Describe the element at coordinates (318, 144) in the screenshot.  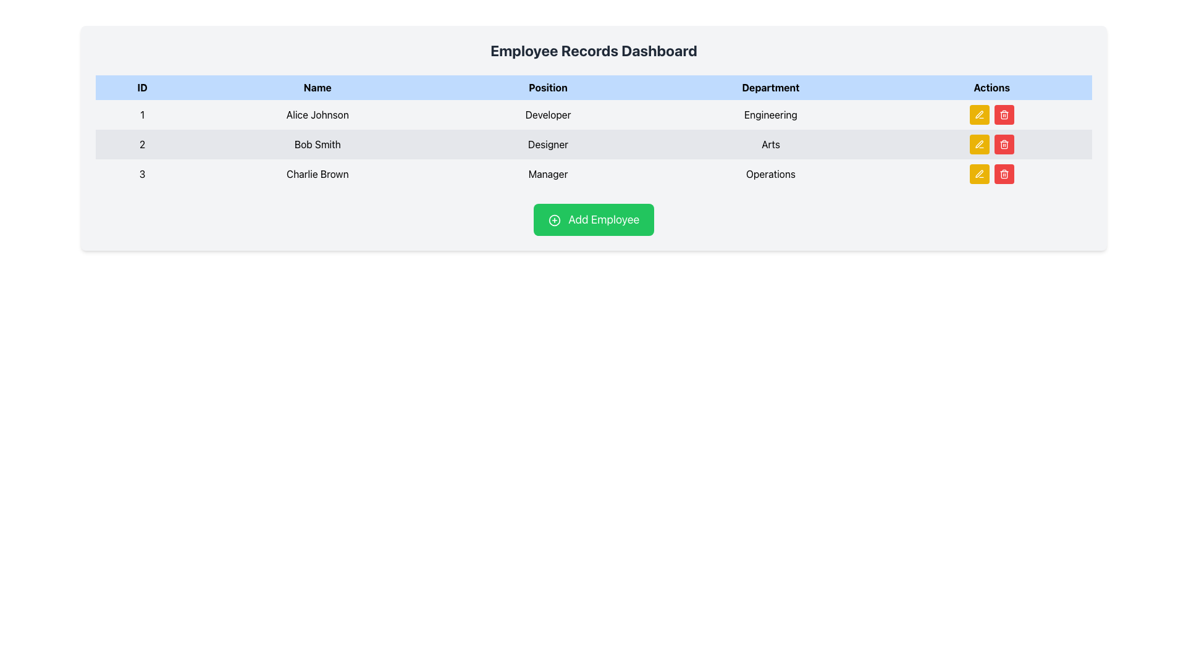
I see `the text label 'Bob Smith' located in the second row of the table under the 'Name' column, which has a gray background and is positioned adjacent to '2' in the 'ID' column and 'Designer' in the 'Position' column` at that location.